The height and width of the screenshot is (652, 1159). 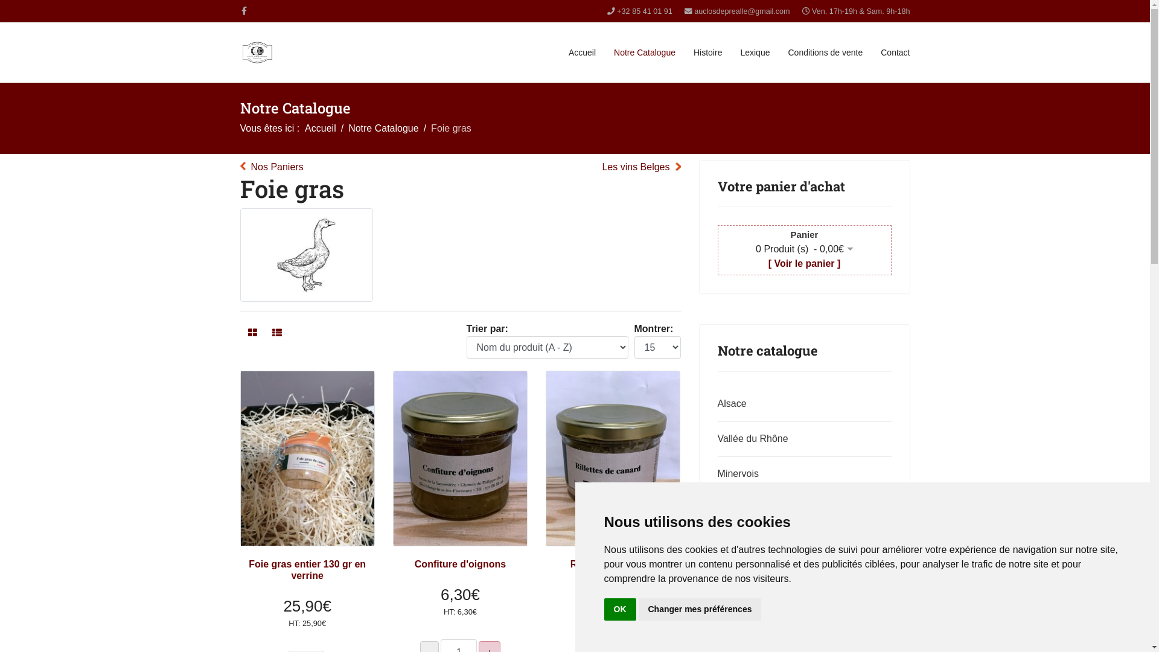 What do you see at coordinates (307, 458) in the screenshot?
I see `'Foie gras entier 130 gr en verrine'` at bounding box center [307, 458].